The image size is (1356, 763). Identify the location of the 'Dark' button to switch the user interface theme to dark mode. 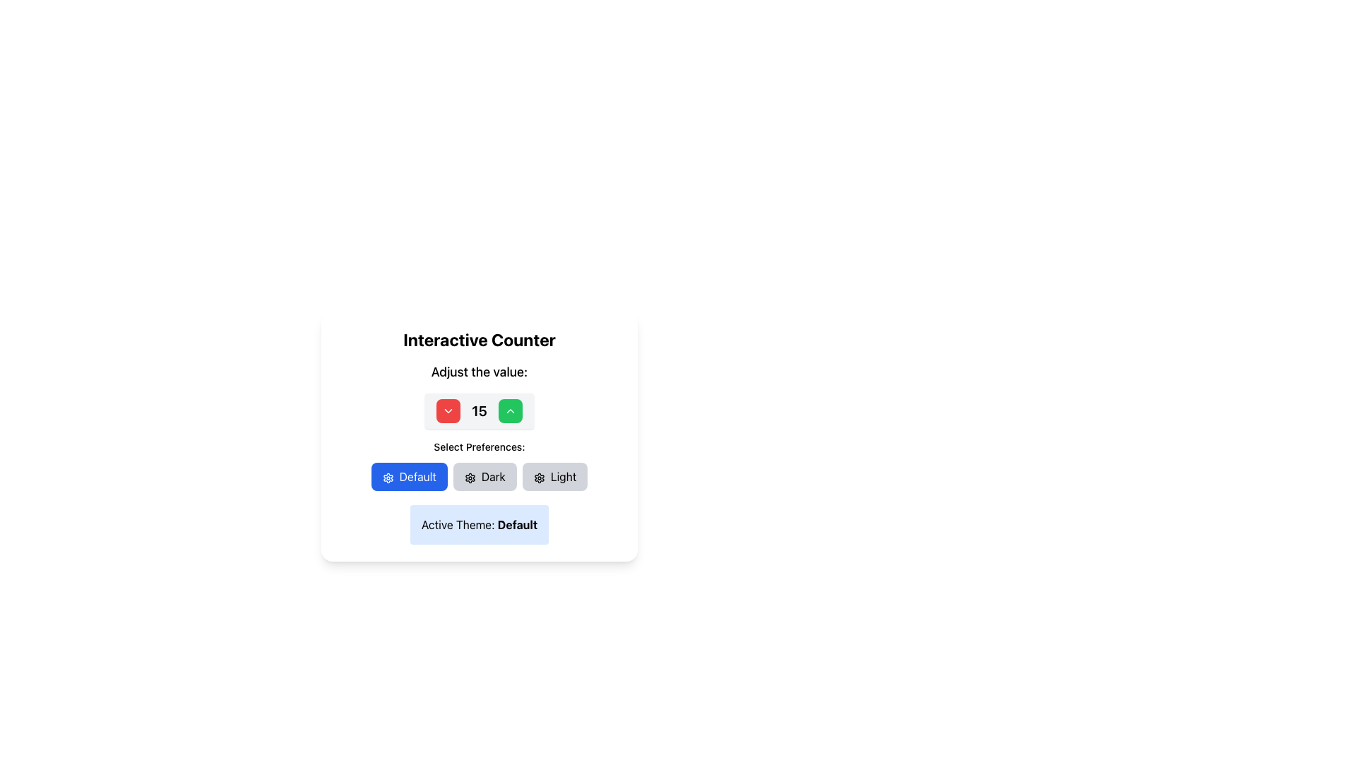
(484, 477).